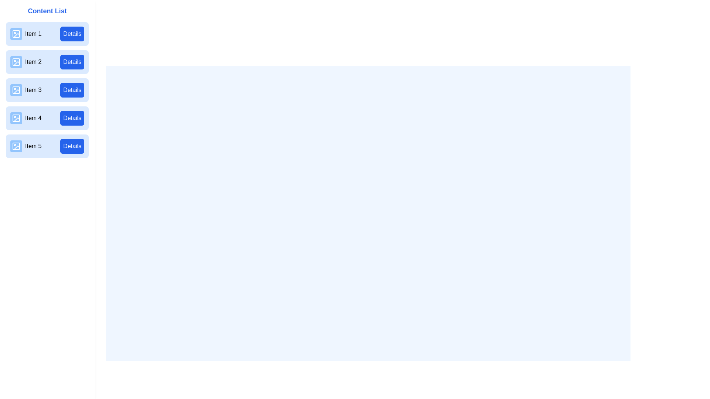  What do you see at coordinates (16, 62) in the screenshot?
I see `the graphic element that represents a segment of the visual thumbnail for the second list item in the sidebar` at bounding box center [16, 62].